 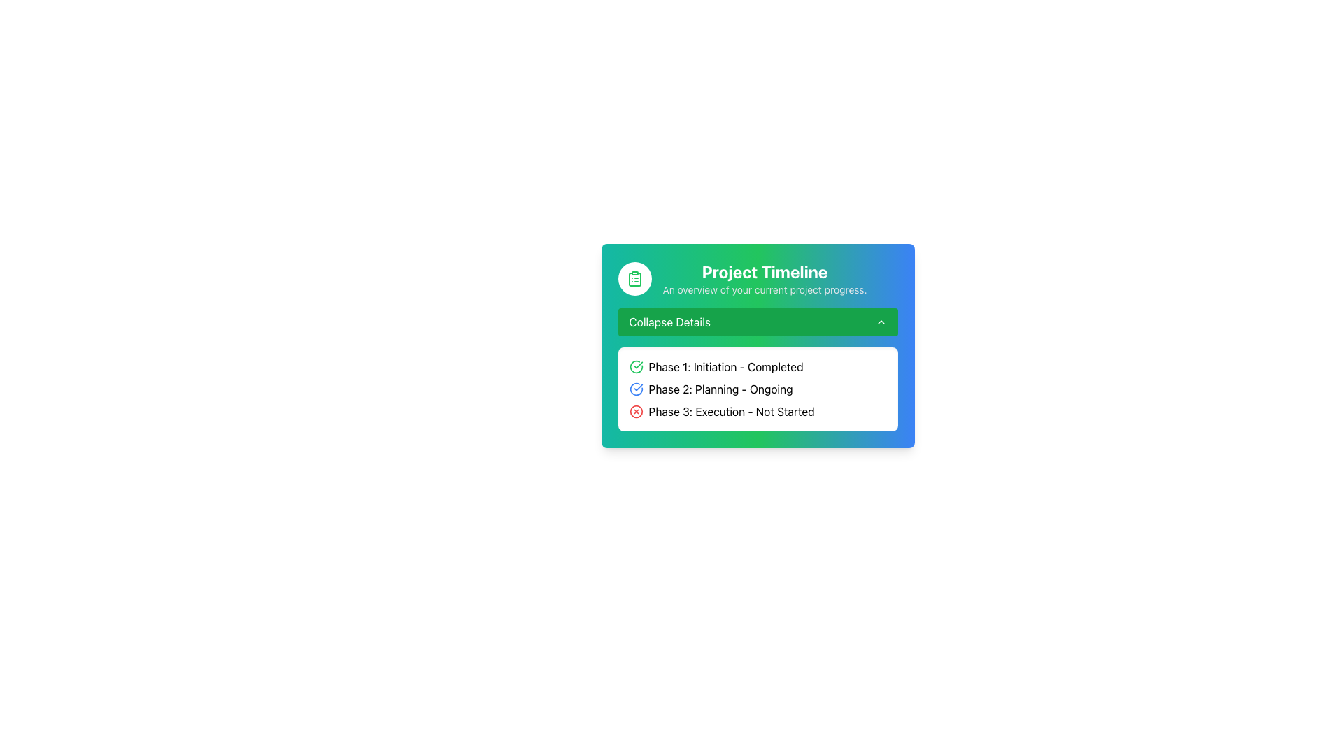 What do you see at coordinates (757, 366) in the screenshot?
I see `the green circular icon next to the label 'Phase 1: Initiation - Completed' for more details` at bounding box center [757, 366].